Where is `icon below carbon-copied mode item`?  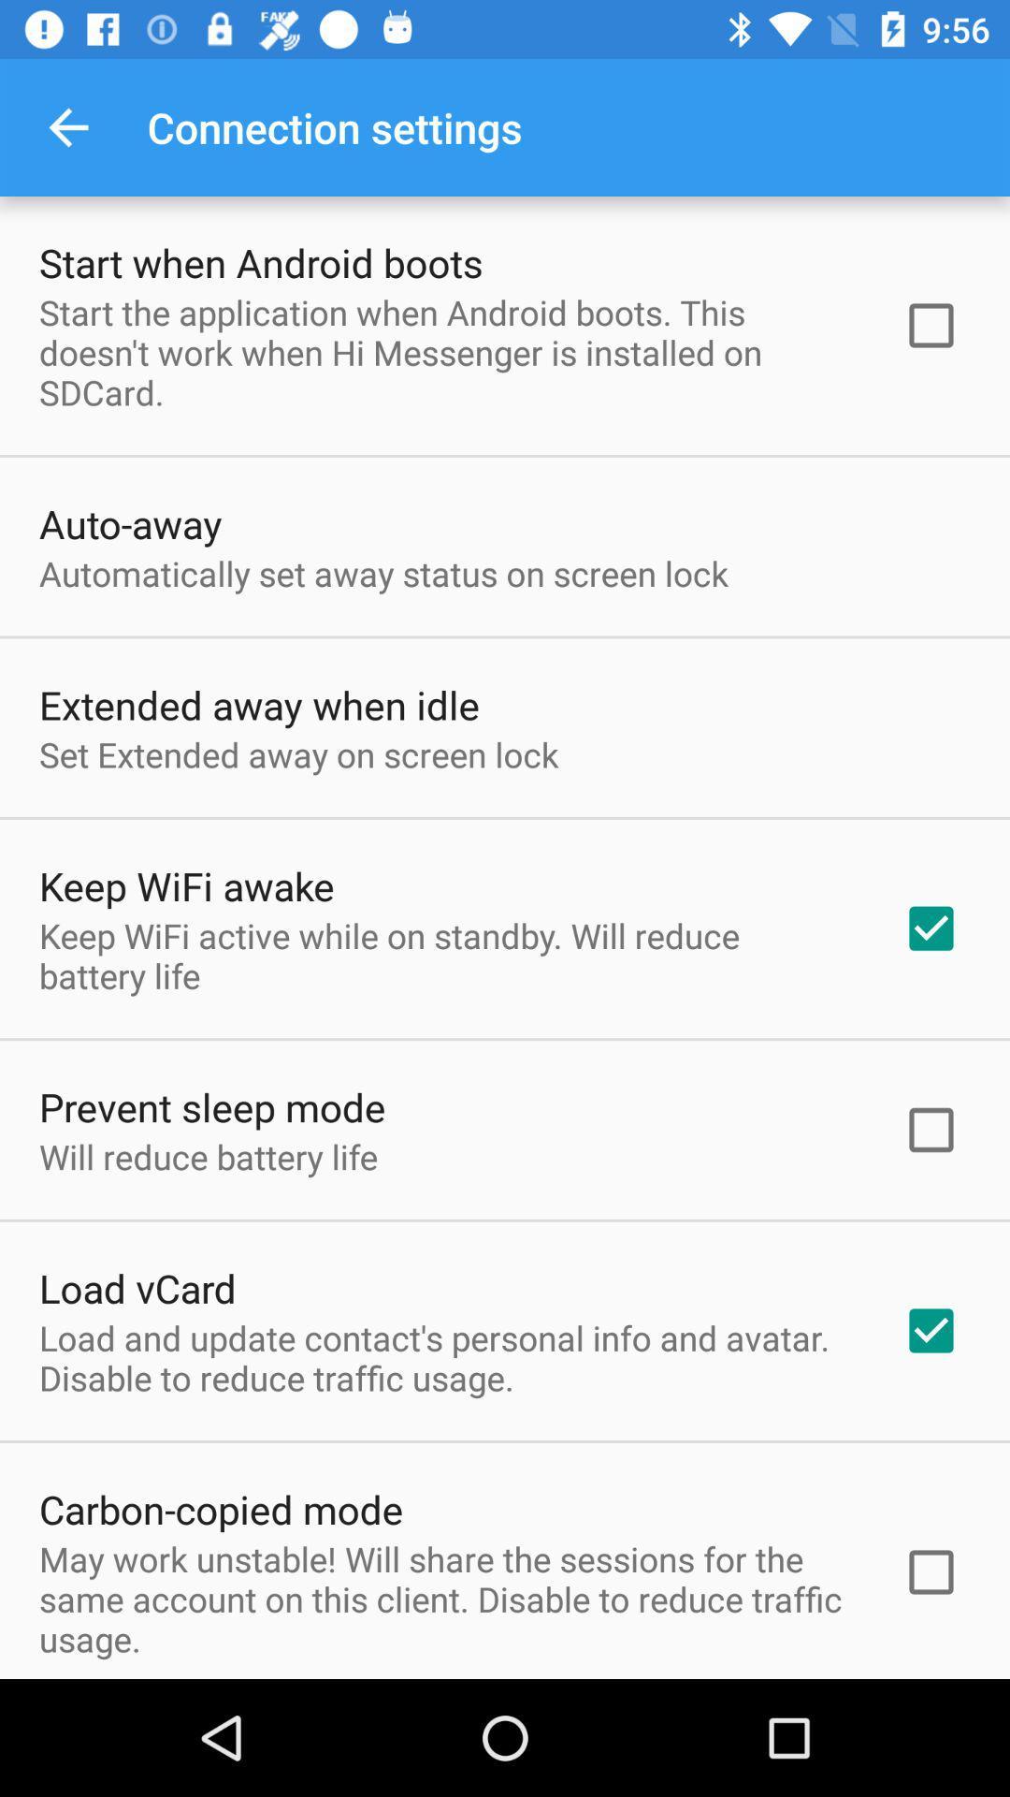
icon below carbon-copied mode item is located at coordinates (446, 1598).